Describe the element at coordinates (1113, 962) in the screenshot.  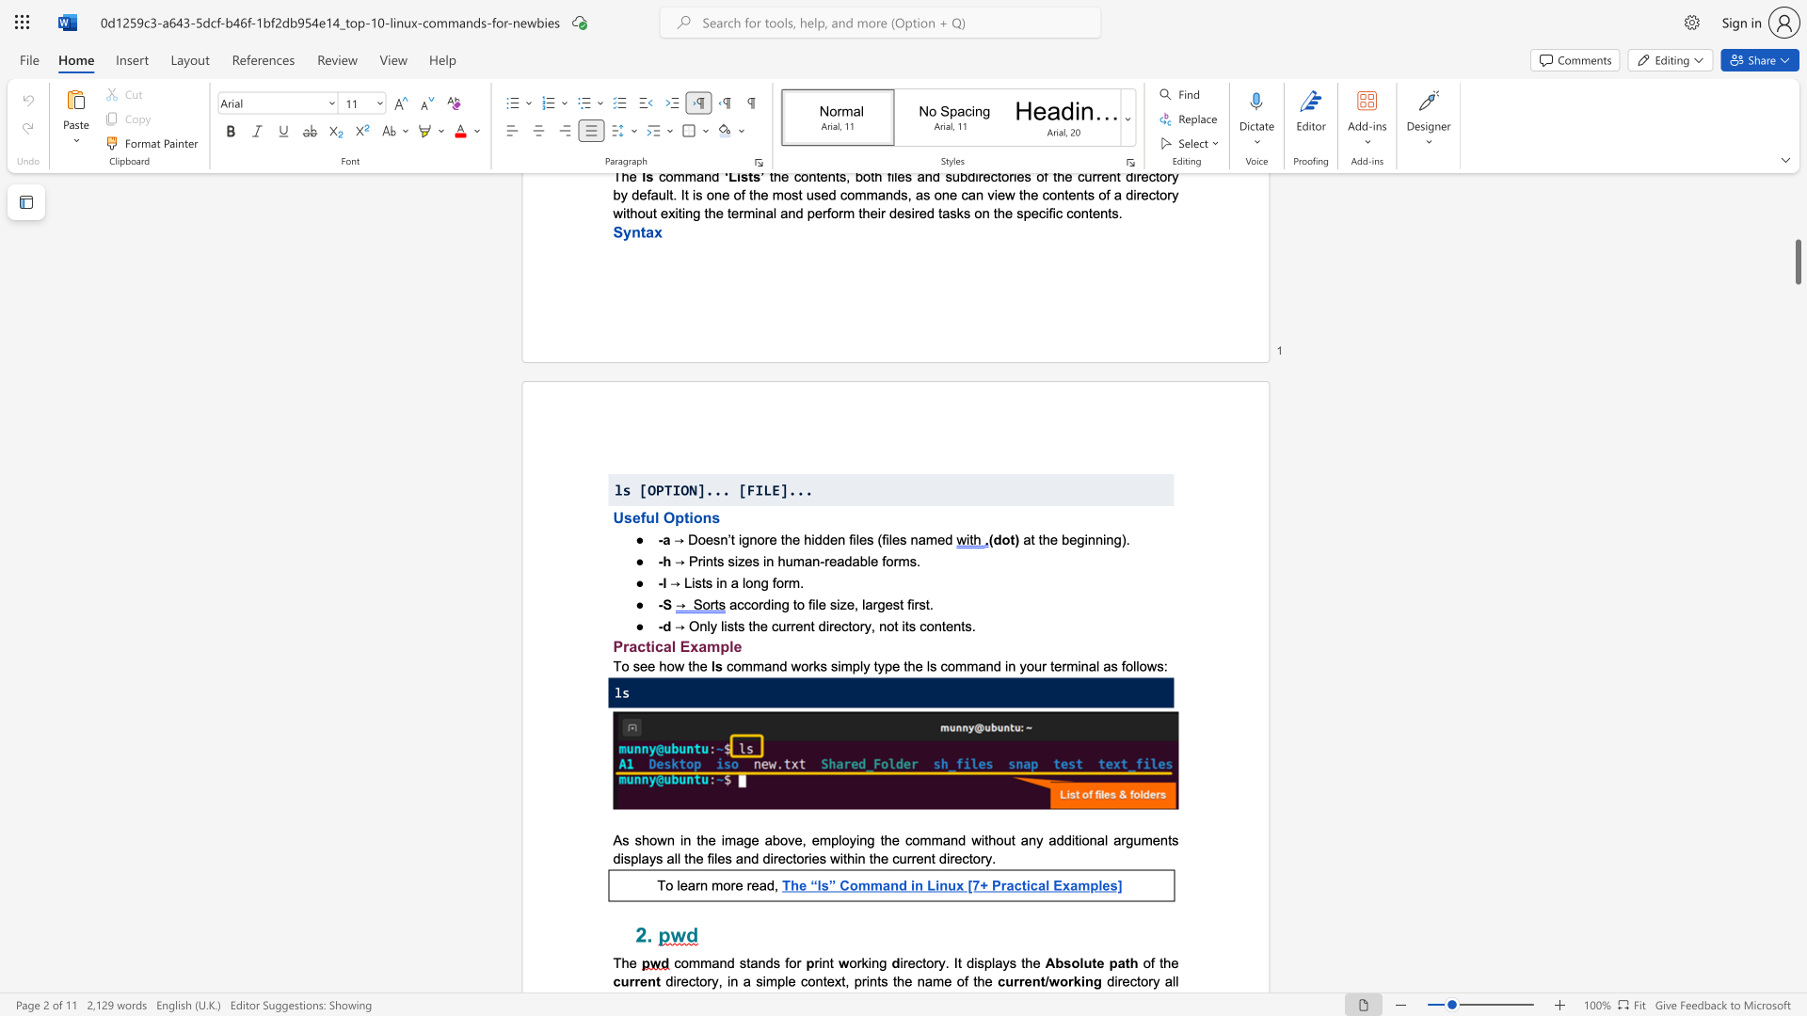
I see `the 1th character "p" in the text` at that location.